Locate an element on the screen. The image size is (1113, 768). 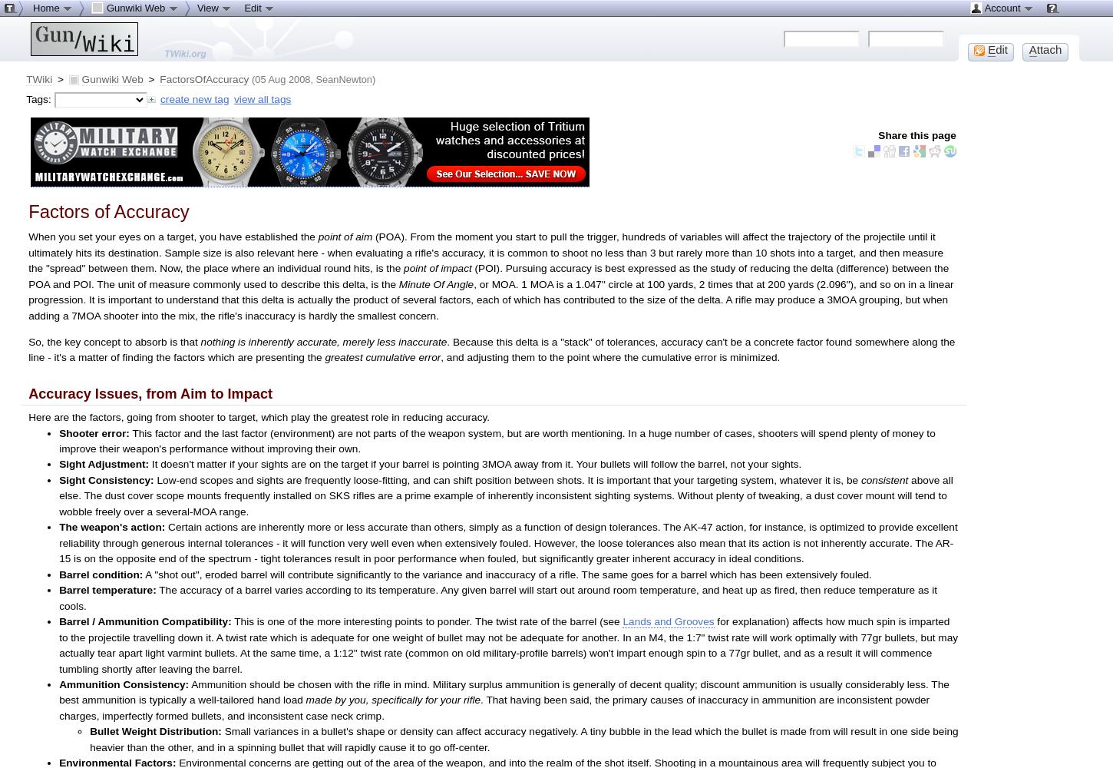
'TWiki web' is located at coordinates (45, 160).